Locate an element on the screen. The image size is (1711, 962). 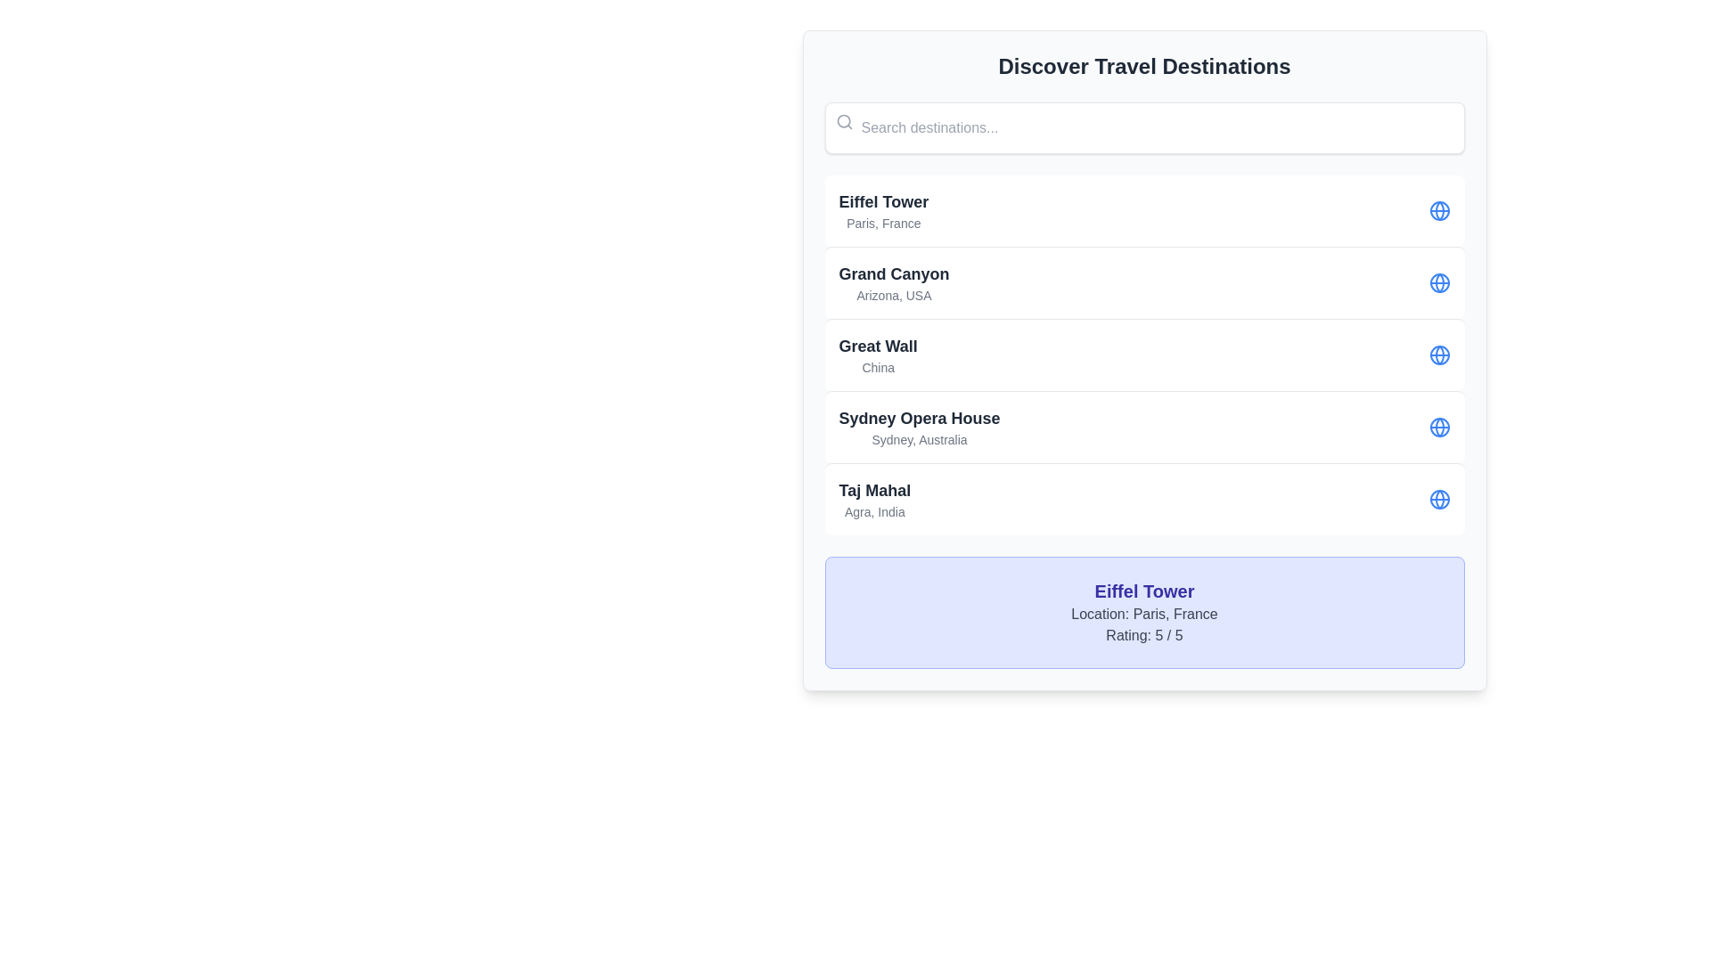
the globe icon with a blue border and white fill, positioned third in the column of globe icons, aligned with the text 'Great Wall' is located at coordinates (1439, 281).